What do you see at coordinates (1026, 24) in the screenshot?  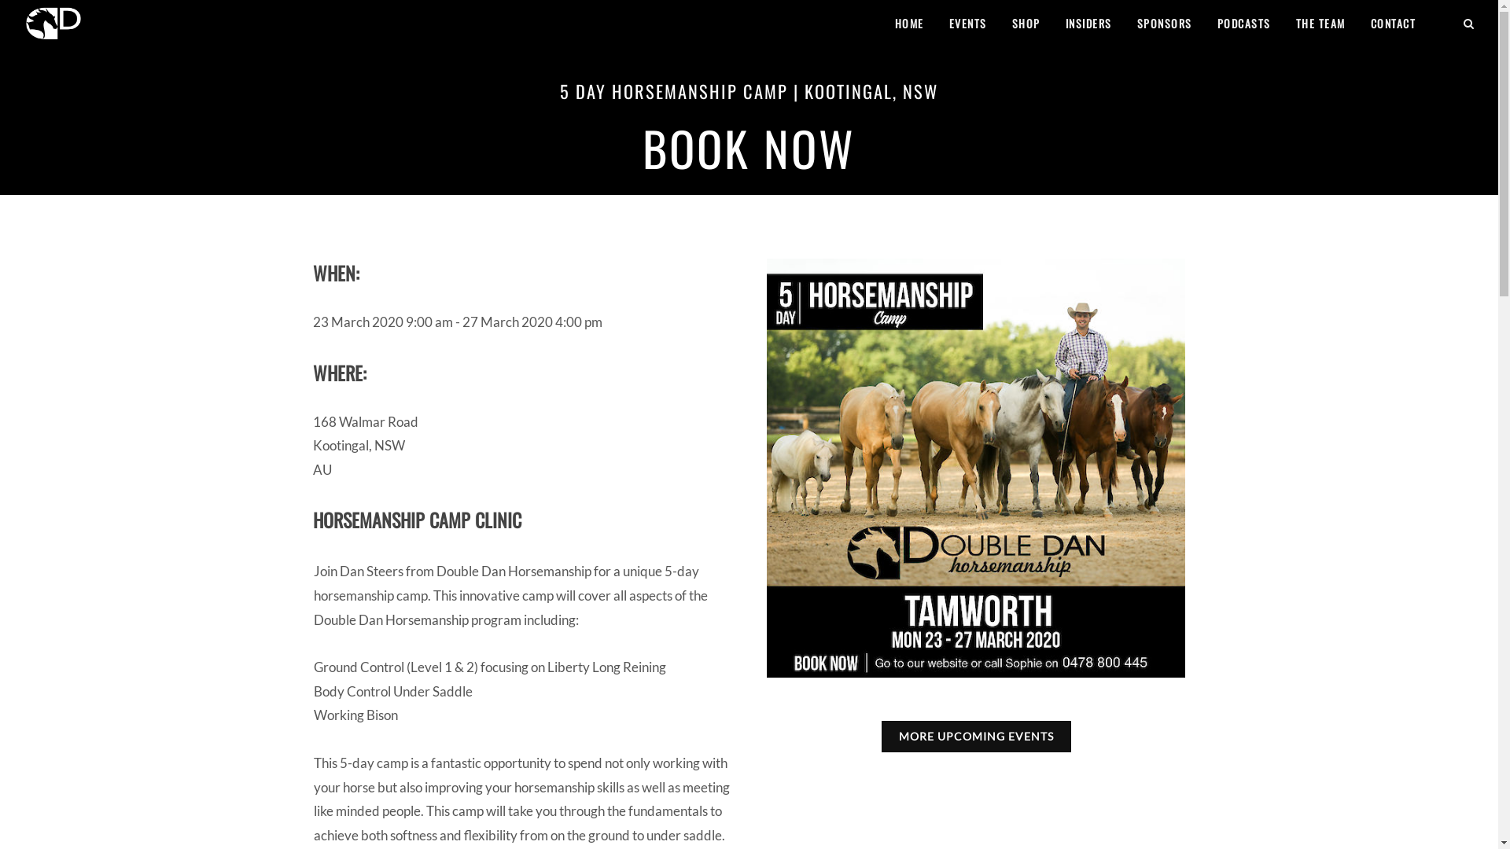 I see `'SHOP'` at bounding box center [1026, 24].